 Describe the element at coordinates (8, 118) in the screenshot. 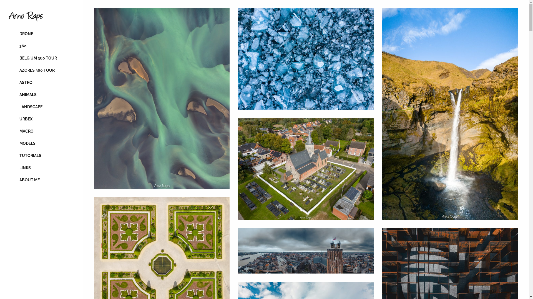

I see `'URBEX'` at that location.